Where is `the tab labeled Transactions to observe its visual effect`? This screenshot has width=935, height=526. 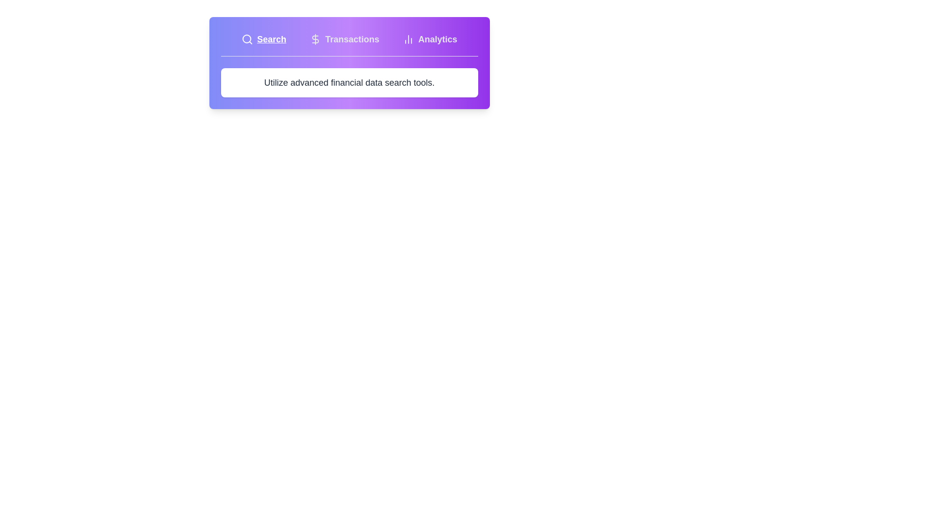 the tab labeled Transactions to observe its visual effect is located at coordinates (344, 39).